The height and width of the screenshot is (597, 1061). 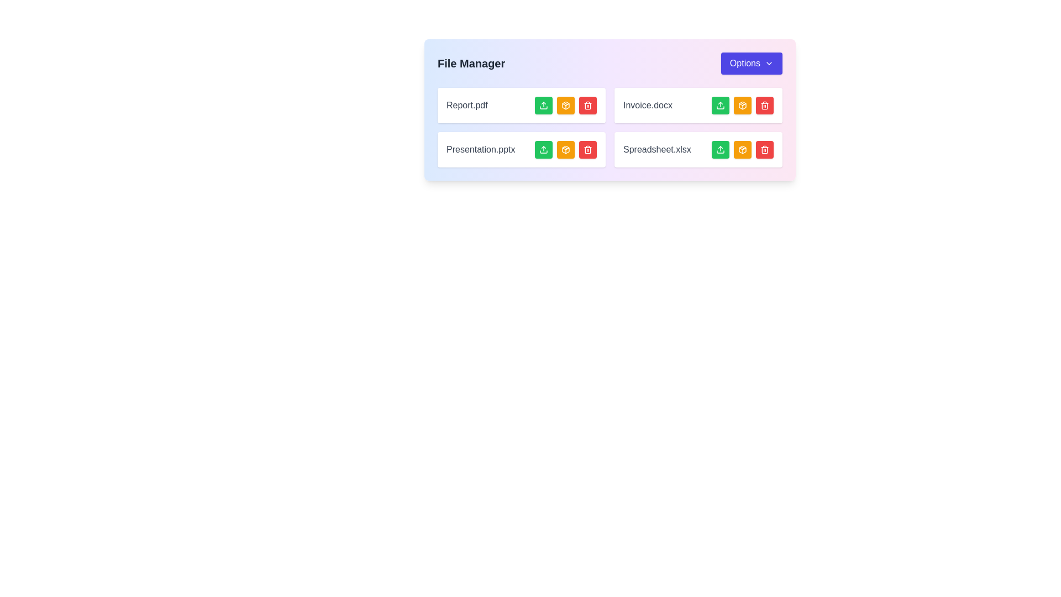 What do you see at coordinates (543, 106) in the screenshot?
I see `the upload button with an SVG icon located in the lower-left section of the file manager interface, which represents 'Presentation.pptx'` at bounding box center [543, 106].